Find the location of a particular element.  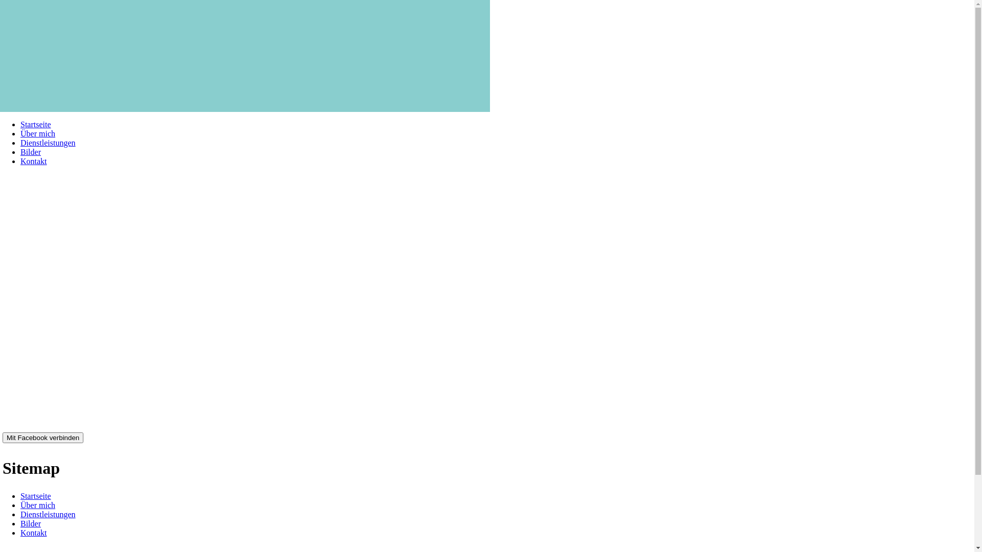

'Dienstleistungen' is located at coordinates (48, 514).